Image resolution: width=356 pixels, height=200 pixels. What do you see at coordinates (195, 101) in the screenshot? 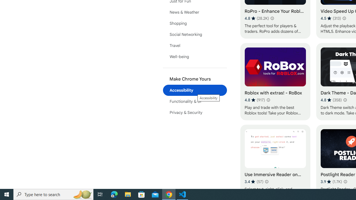
I see `'Functionality & UI'` at bounding box center [195, 101].